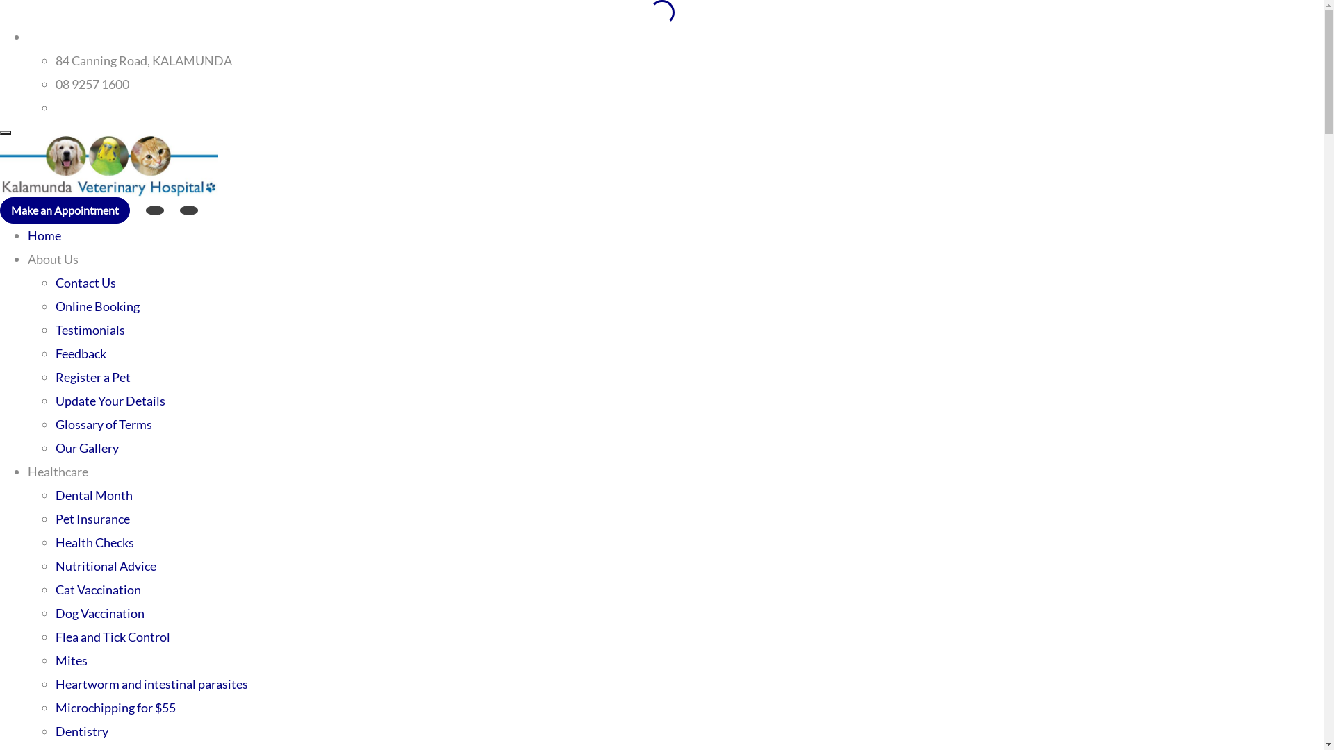 The width and height of the screenshot is (1334, 750). I want to click on 'Make an Appointment', so click(64, 210).